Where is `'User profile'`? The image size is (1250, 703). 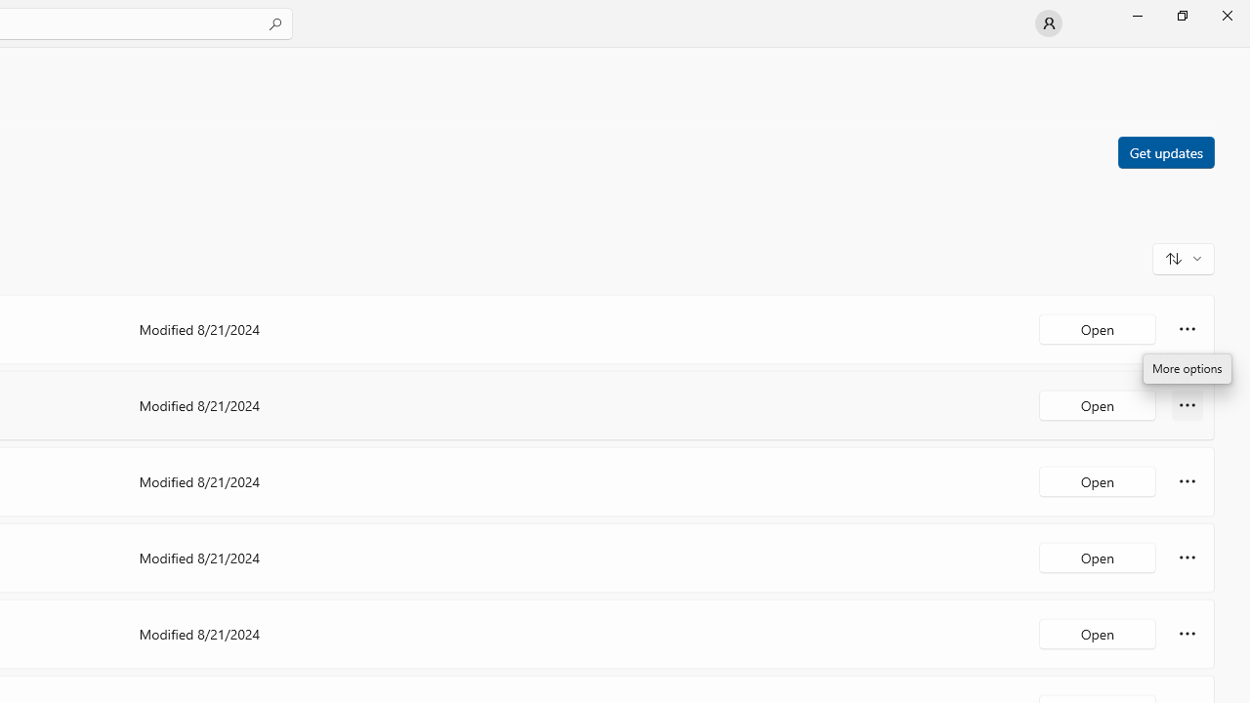 'User profile' is located at coordinates (1047, 23).